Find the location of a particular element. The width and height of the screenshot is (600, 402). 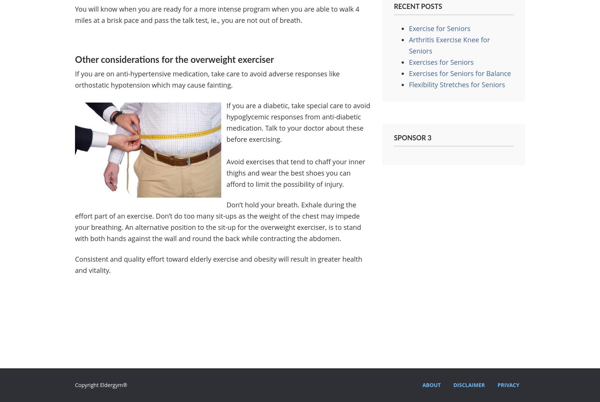

'You will know when you are ready for a more intense program when you are able to walk 4 miles at a brisk pace and pass the talk test, ie., you are not out of breath.' is located at coordinates (217, 14).